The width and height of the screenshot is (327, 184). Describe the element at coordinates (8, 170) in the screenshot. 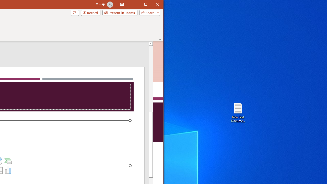

I see `'Insert Chart'` at that location.